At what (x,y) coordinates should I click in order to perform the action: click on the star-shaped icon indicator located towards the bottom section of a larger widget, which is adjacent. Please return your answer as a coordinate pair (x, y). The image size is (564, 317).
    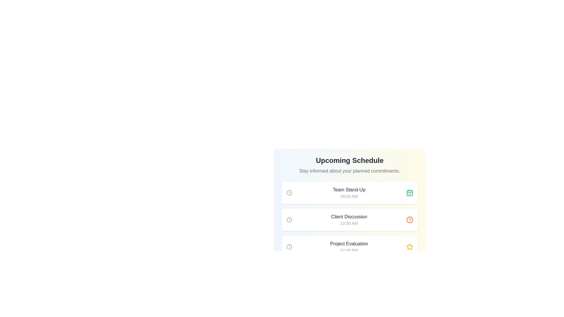
    Looking at the image, I should click on (409, 247).